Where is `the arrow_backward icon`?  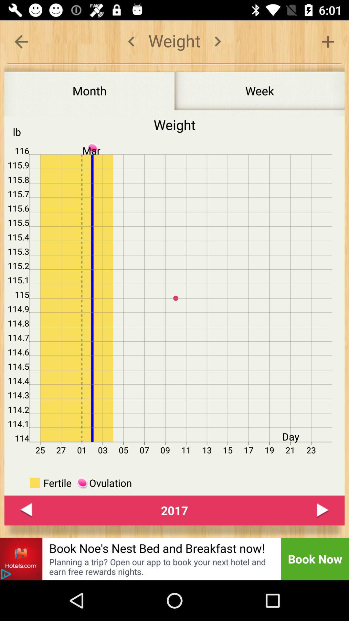
the arrow_backward icon is located at coordinates (21, 41).